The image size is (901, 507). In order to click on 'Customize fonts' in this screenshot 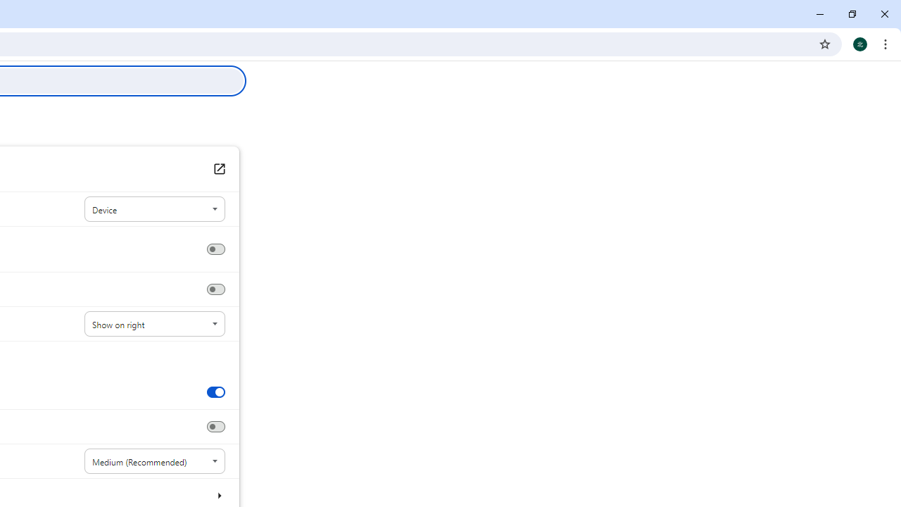, I will do `click(218, 494)`.